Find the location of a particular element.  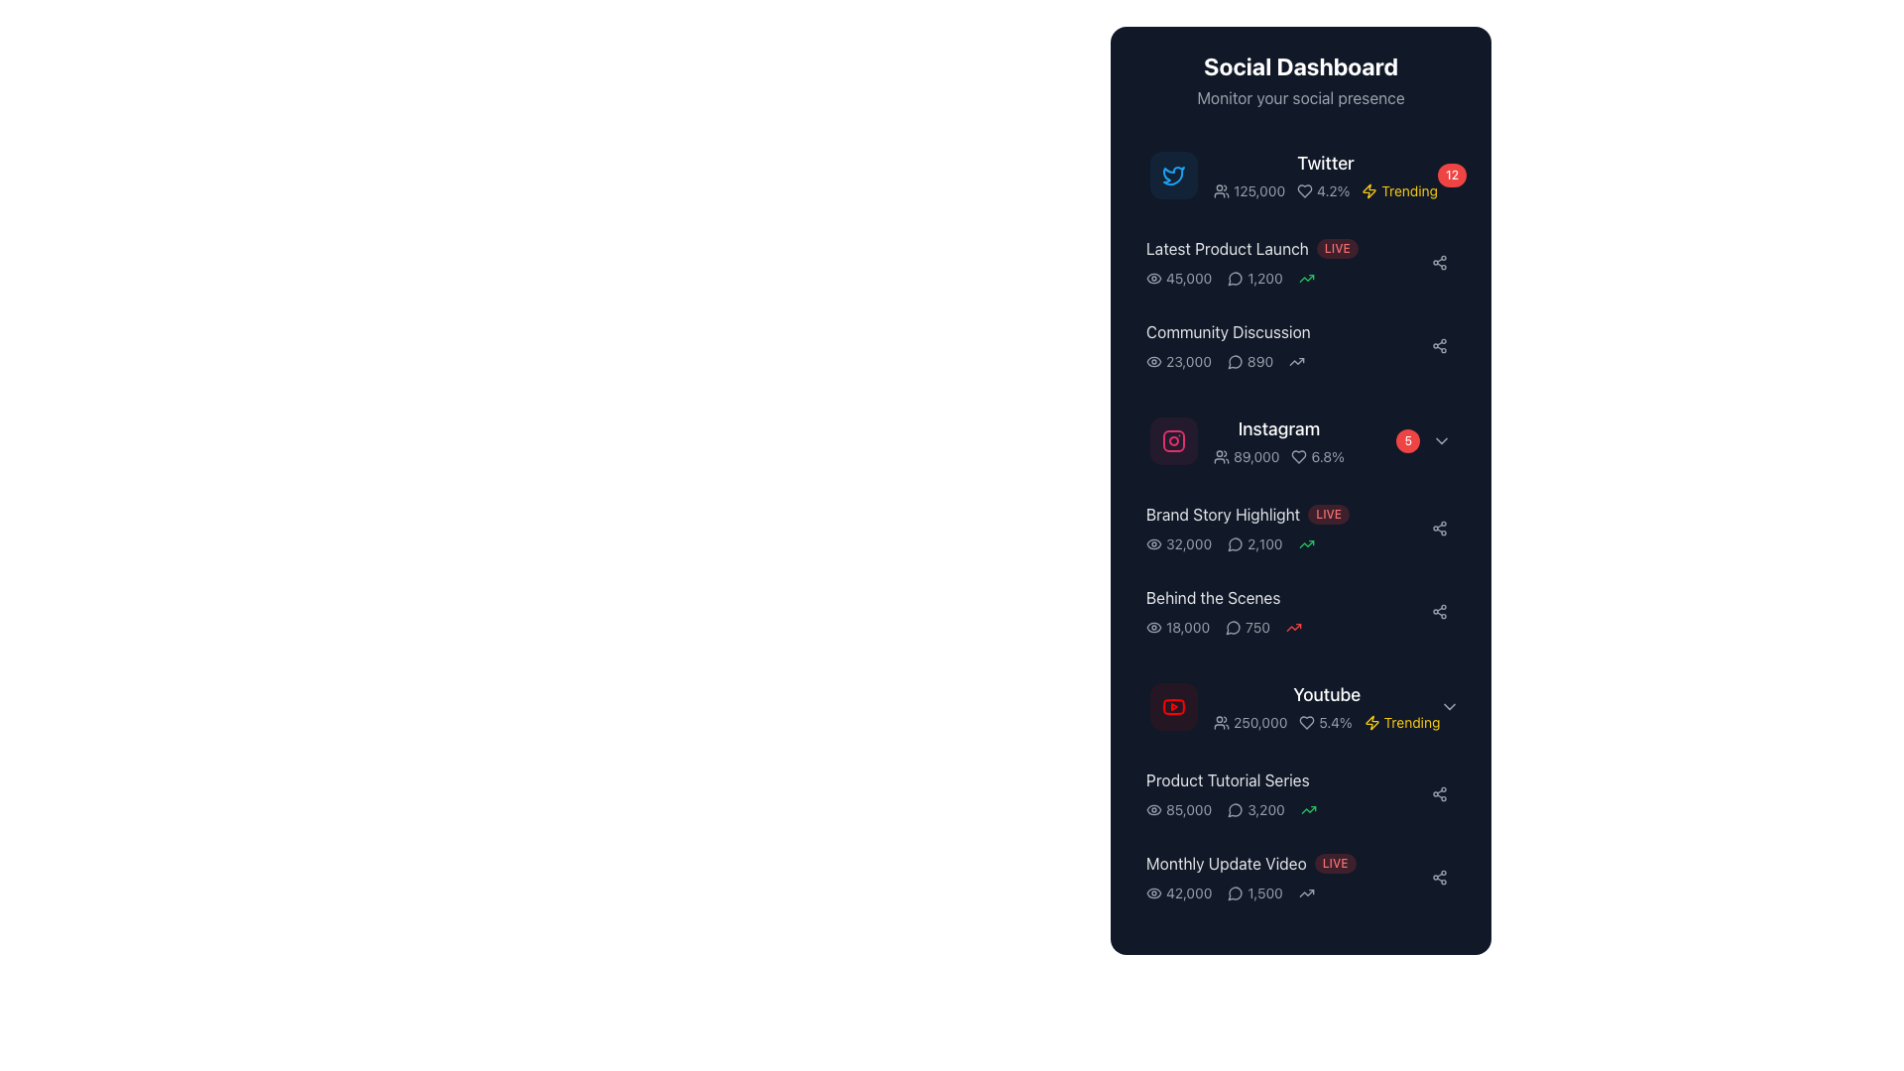

the eye-shaped icon that is located to the left of the numerical label '42,000' in the 'Monthly Update Video' section of the dashboard is located at coordinates (1153, 893).